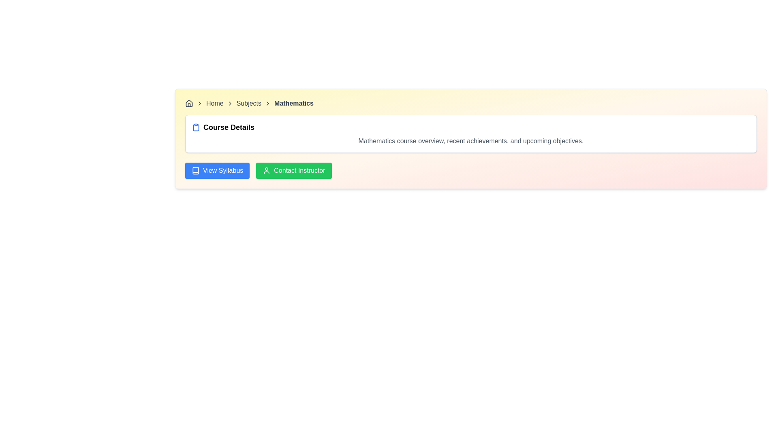 The width and height of the screenshot is (778, 437). Describe the element at coordinates (229, 103) in the screenshot. I see `the second right-chevron icon in the breadcrumb navigation bar, which represents navigation or progression` at that location.